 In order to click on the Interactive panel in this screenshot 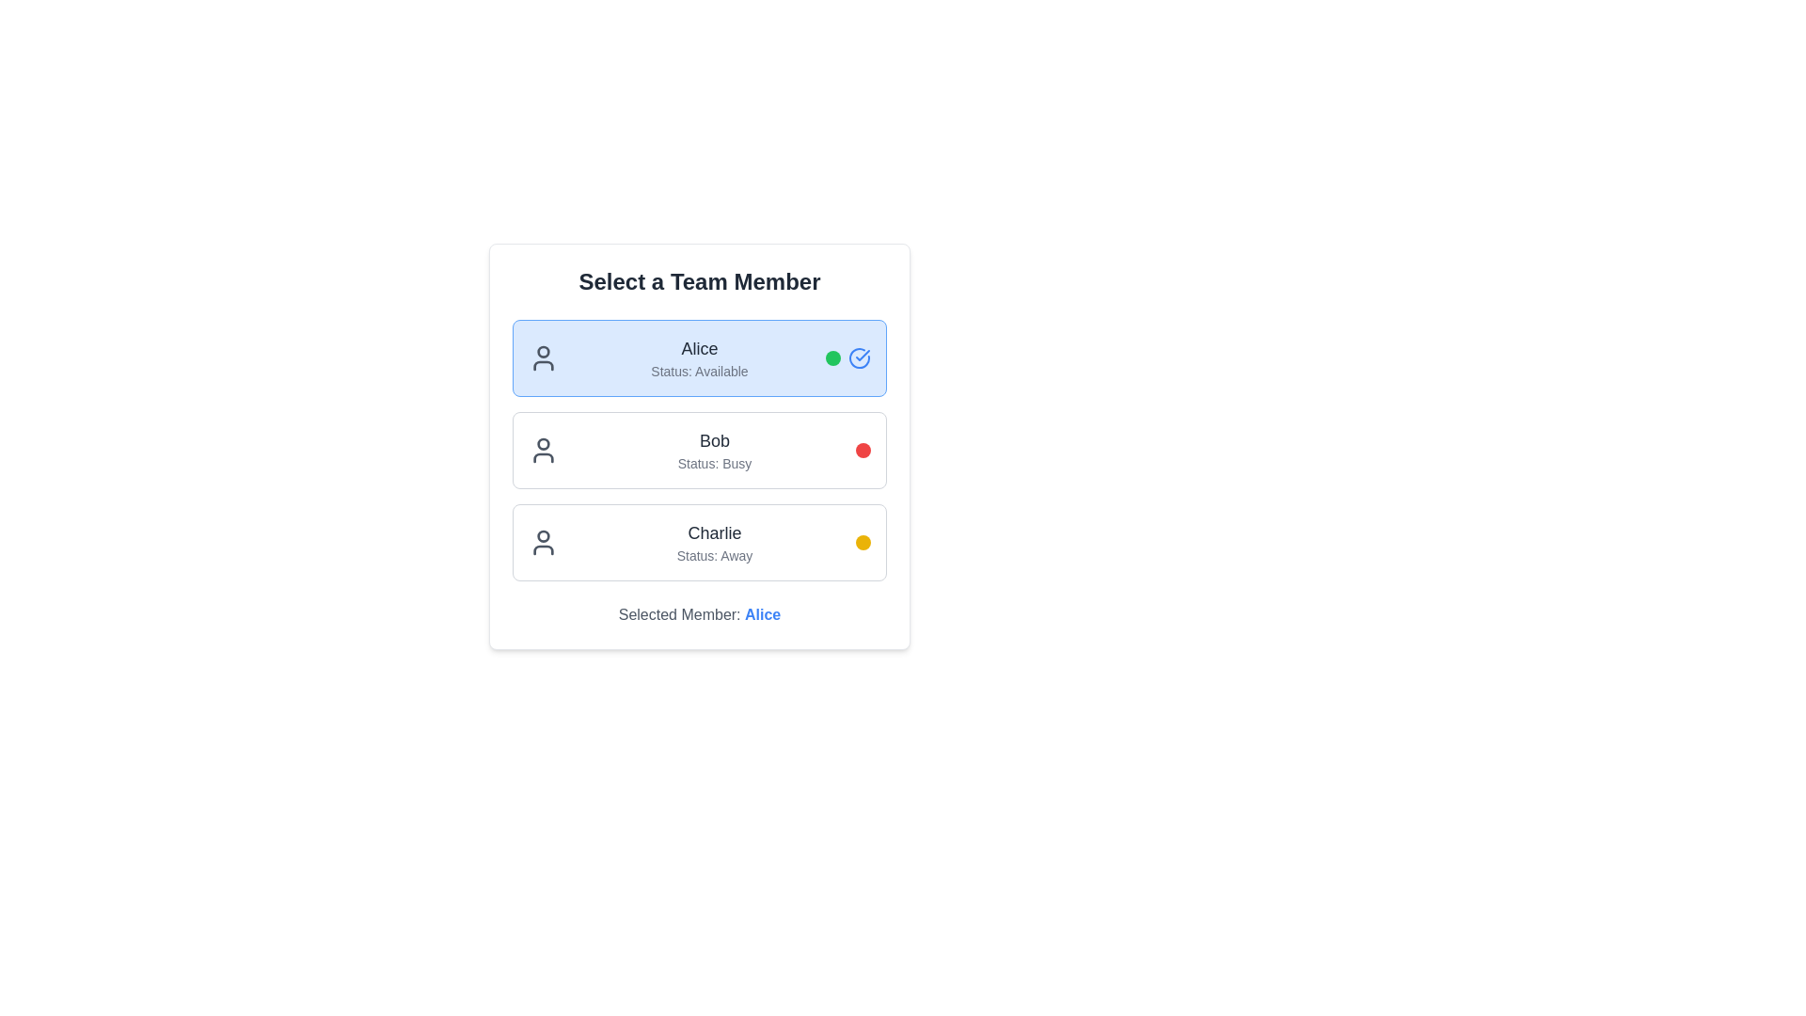, I will do `click(699, 446)`.